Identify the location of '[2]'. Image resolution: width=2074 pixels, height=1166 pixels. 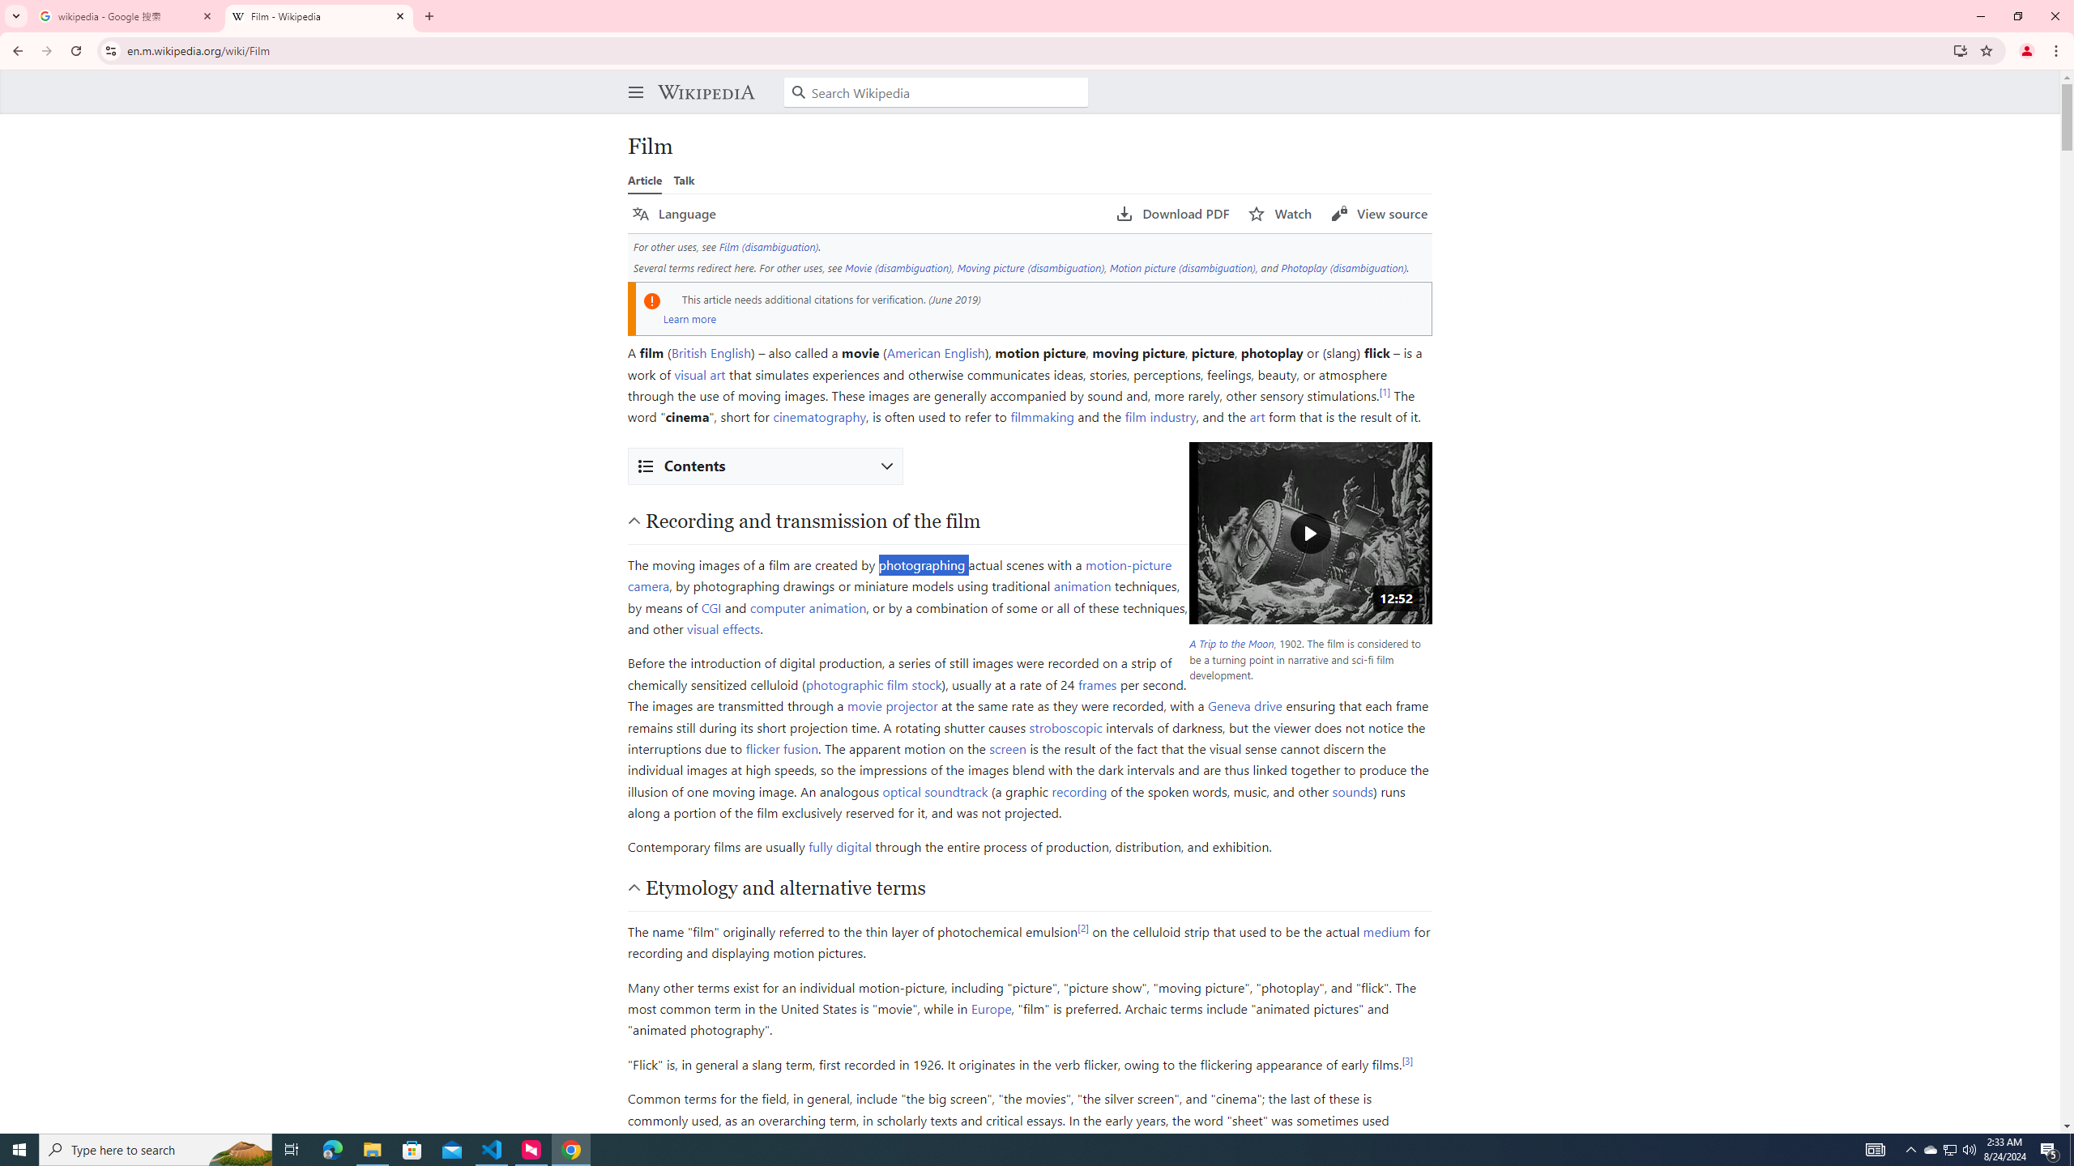
(1083, 927).